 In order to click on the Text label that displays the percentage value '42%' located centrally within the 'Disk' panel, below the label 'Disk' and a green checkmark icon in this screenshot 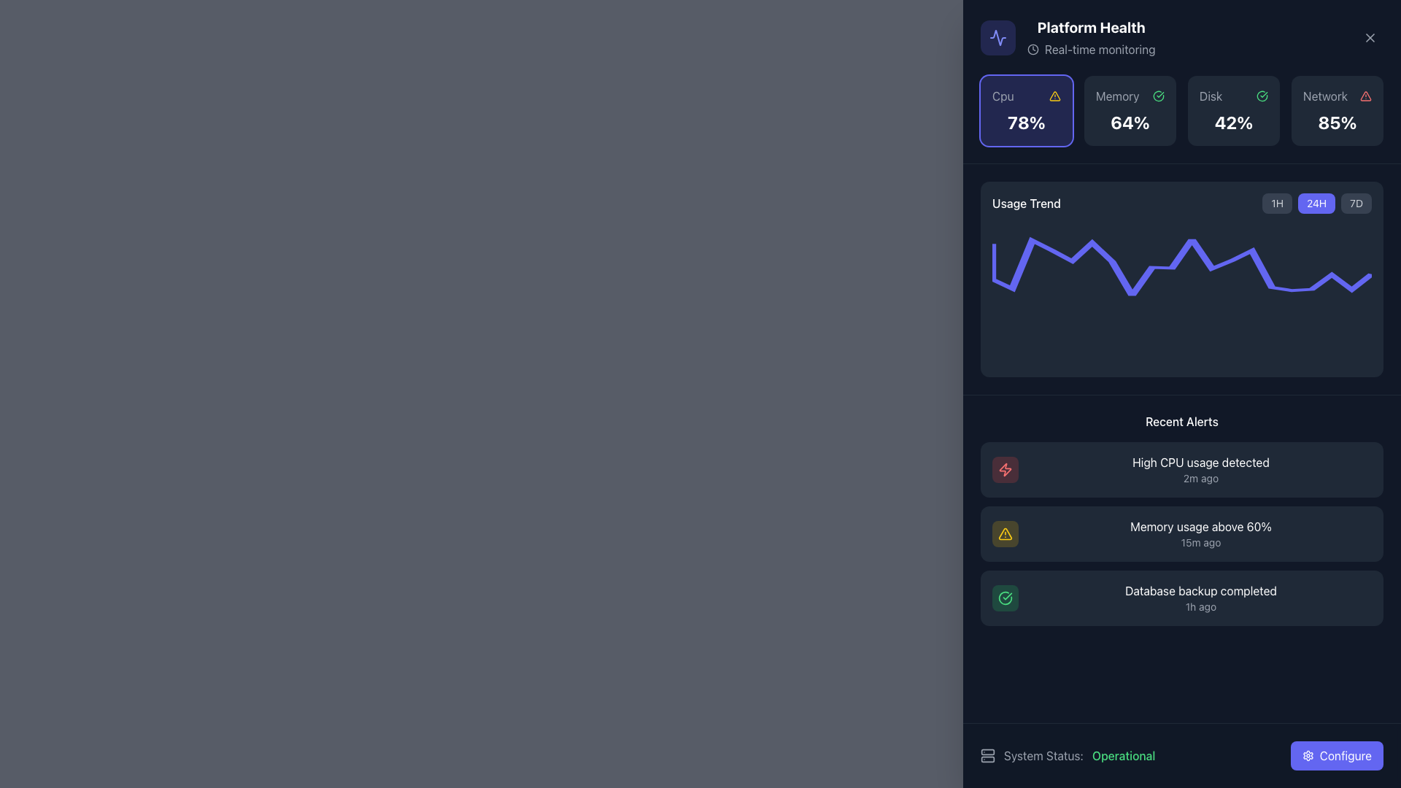, I will do `click(1232, 122)`.